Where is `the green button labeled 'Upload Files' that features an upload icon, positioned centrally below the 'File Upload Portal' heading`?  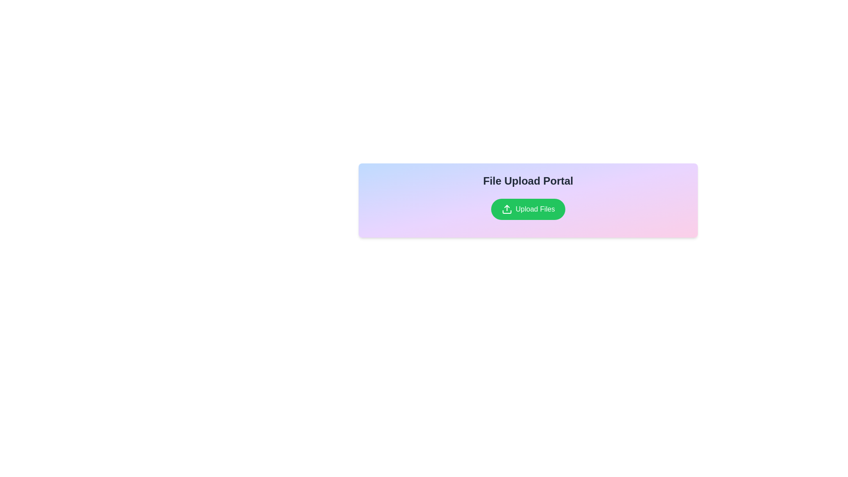 the green button labeled 'Upload Files' that features an upload icon, positioned centrally below the 'File Upload Portal' heading is located at coordinates (528, 209).